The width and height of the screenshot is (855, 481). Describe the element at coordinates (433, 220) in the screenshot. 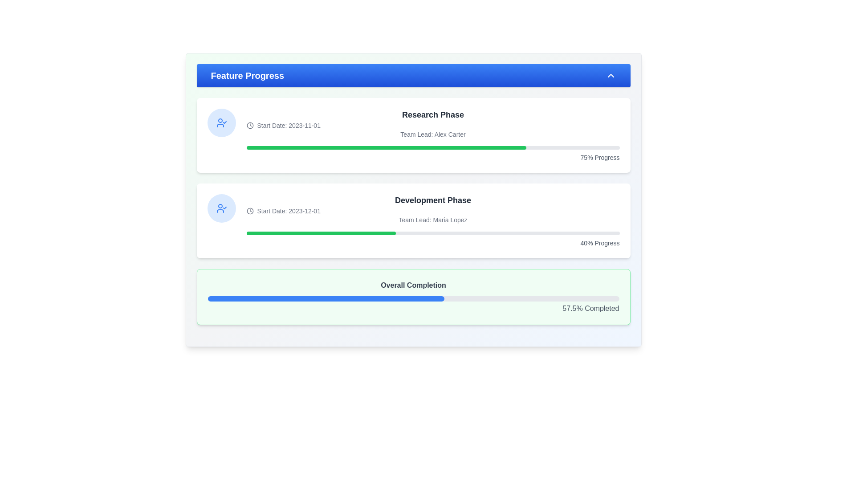

I see `displayed information from the composite information panel that summarizes the status of the 'Development Phase' within a project, located as the second card in a vertical list` at that location.